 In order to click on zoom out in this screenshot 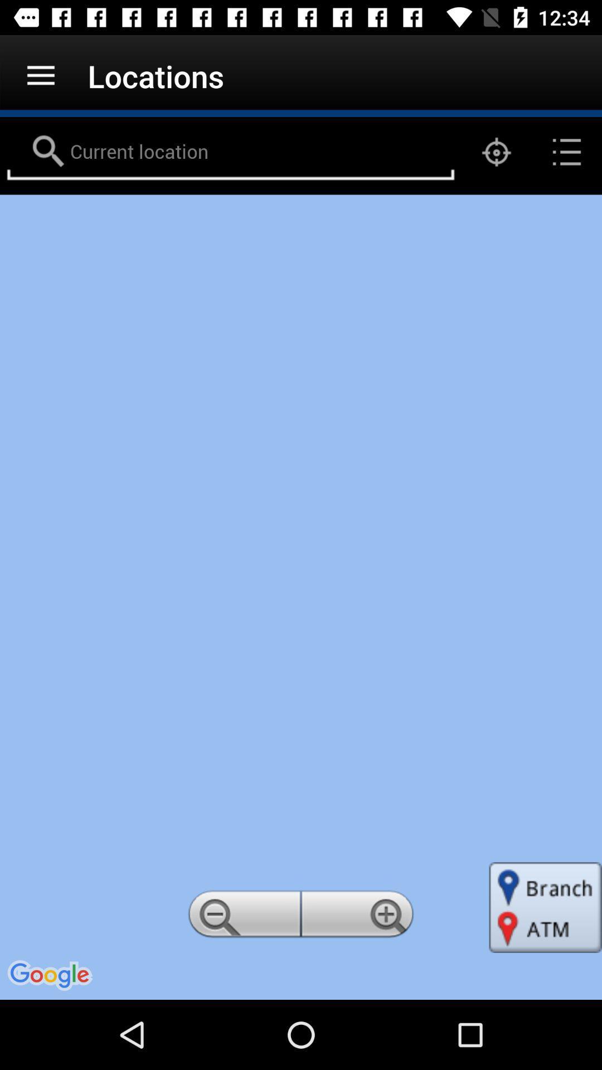, I will do `click(242, 917)`.